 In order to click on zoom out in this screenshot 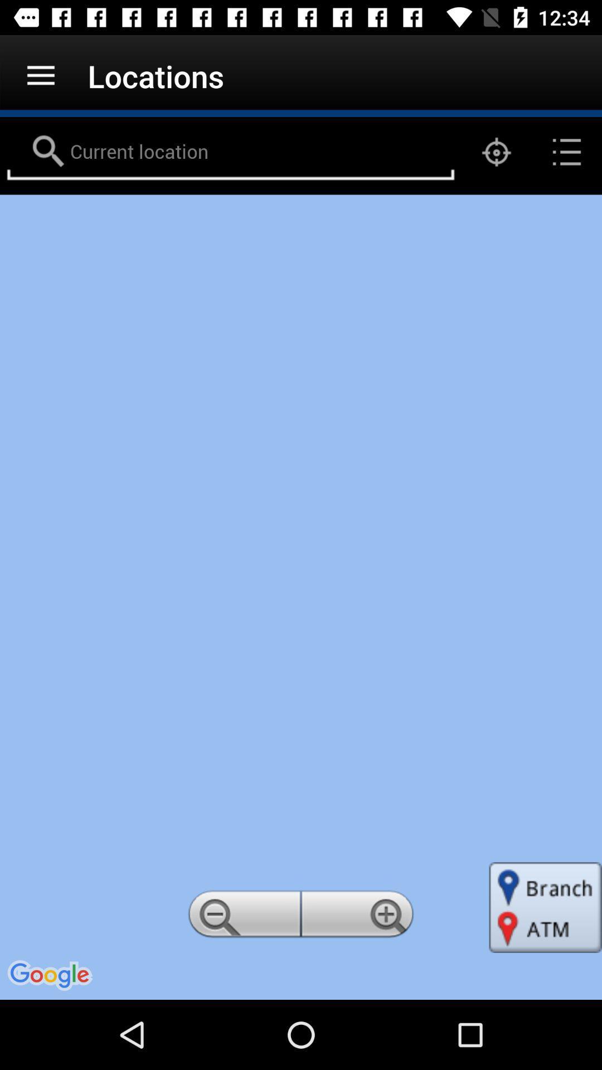, I will do `click(242, 917)`.